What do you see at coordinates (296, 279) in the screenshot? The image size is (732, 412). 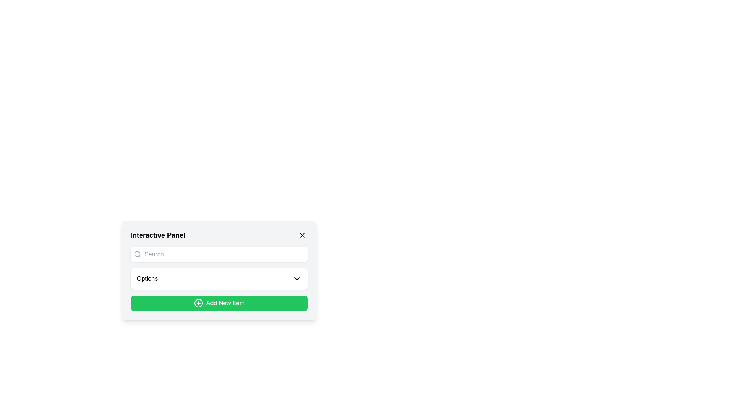 I see `the downward-facing chevron icon located to the right side of the 'Options' label` at bounding box center [296, 279].